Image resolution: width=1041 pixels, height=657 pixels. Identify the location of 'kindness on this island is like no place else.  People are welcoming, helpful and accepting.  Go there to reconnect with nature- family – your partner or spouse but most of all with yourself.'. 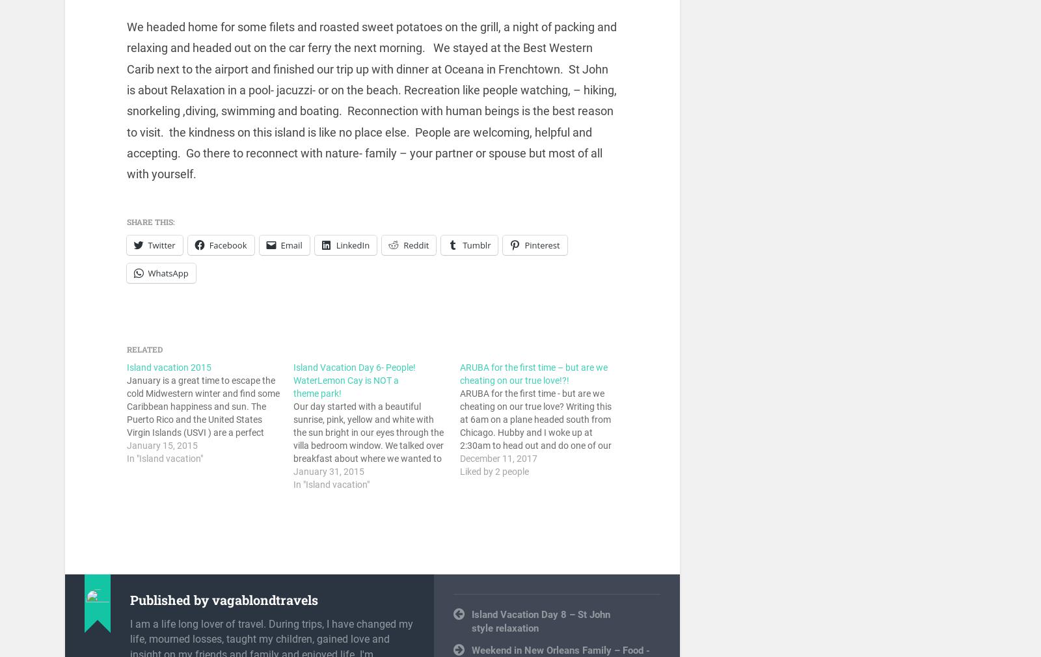
(363, 152).